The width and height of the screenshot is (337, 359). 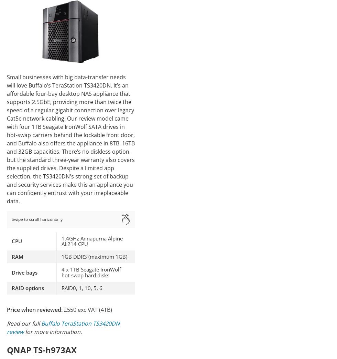 I want to click on 'RAID options', so click(x=28, y=287).